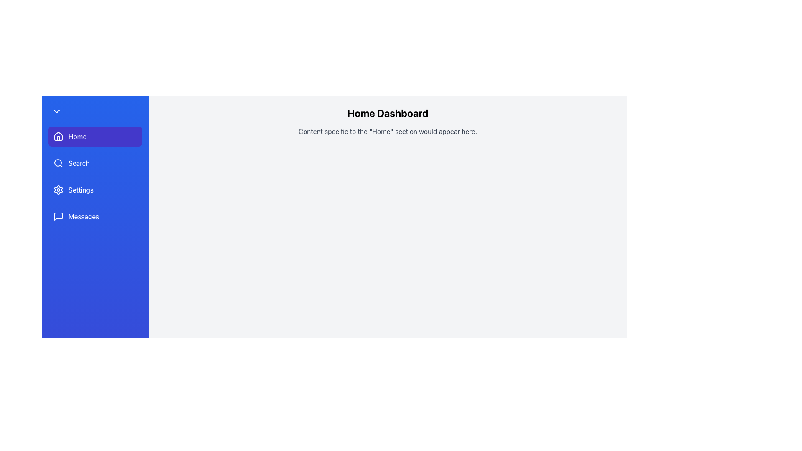 The width and height of the screenshot is (802, 451). I want to click on the 'Settings' label in the left-side navigation panel, which is the third menu item from the top, right-aligned next to a gear icon, so click(81, 190).